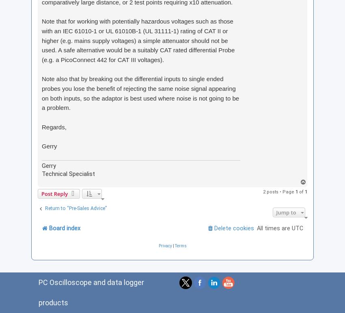 The width and height of the screenshot is (345, 313). What do you see at coordinates (140, 92) in the screenshot?
I see `'Note also that by breaking out the differential inputs to single ended probes you lose the benefit of rejecting the same noise signal appearing on both inputs, so the adaptor is best used where noise is not going to be a problem.'` at bounding box center [140, 92].